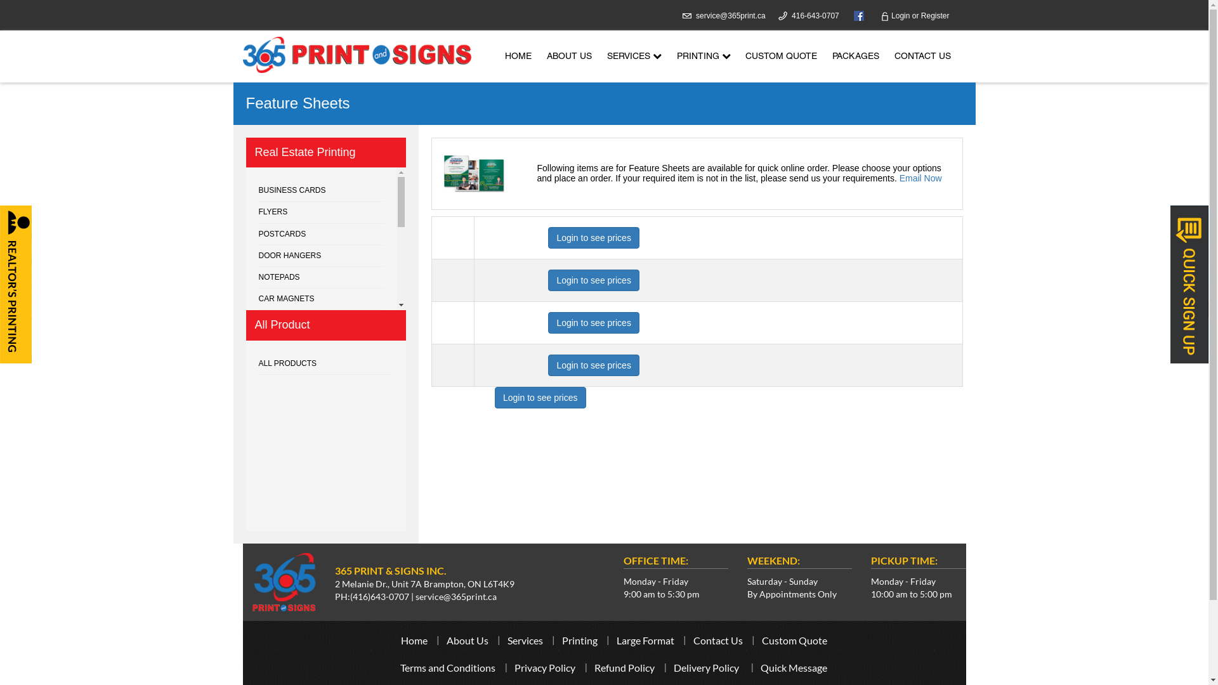  Describe the element at coordinates (793, 640) in the screenshot. I see `'Custom Quote'` at that location.